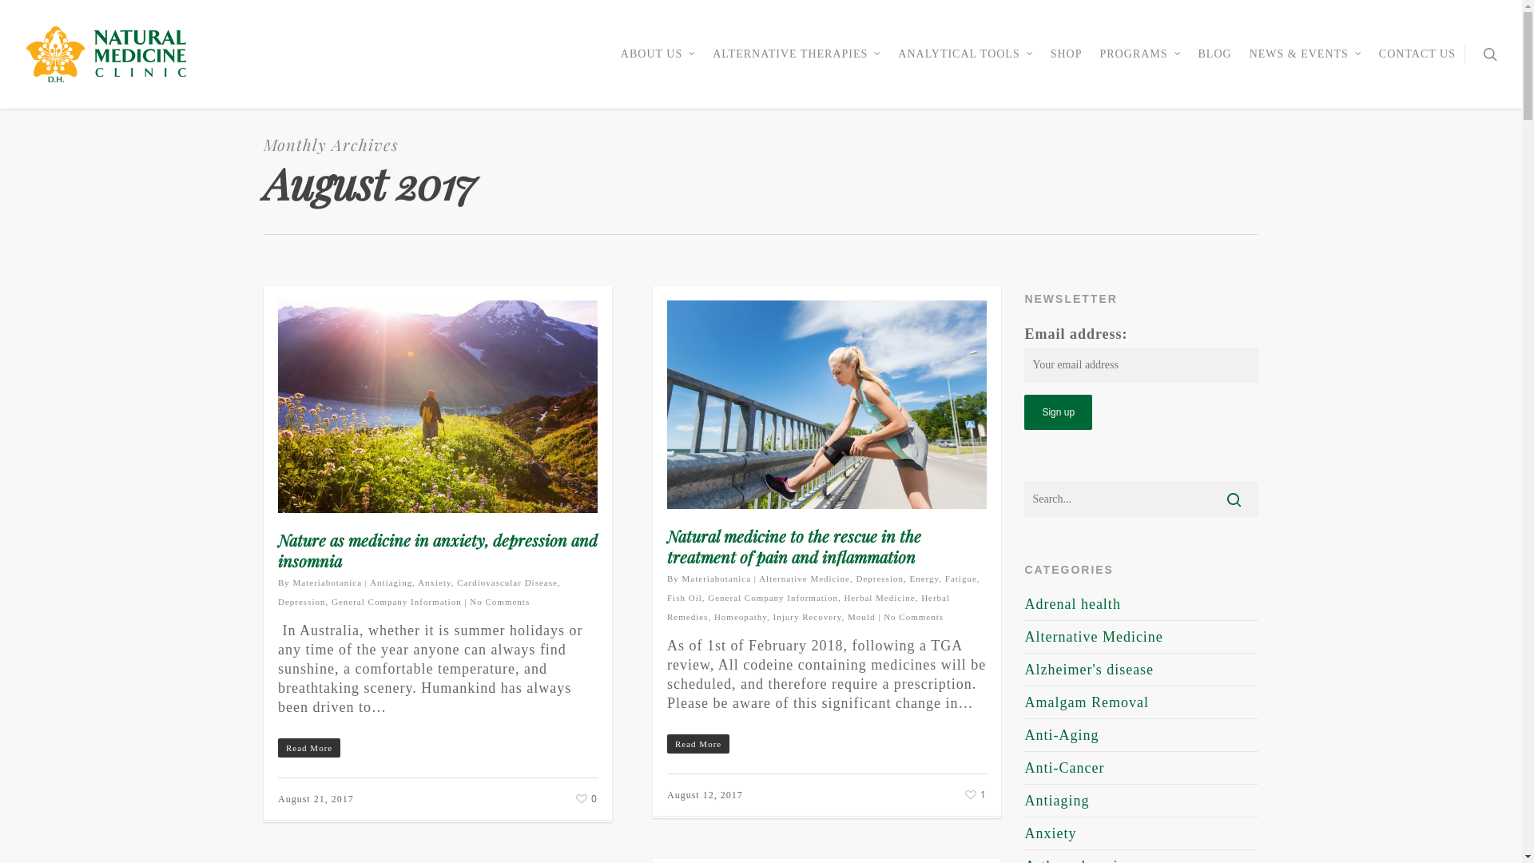  I want to click on 'Cardiovascular Disease', so click(455, 583).